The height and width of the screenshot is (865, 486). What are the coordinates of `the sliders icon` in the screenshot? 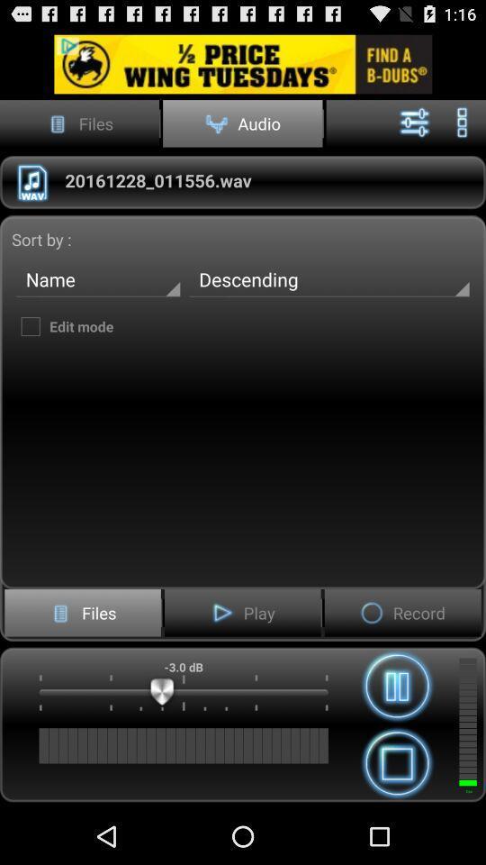 It's located at (415, 130).